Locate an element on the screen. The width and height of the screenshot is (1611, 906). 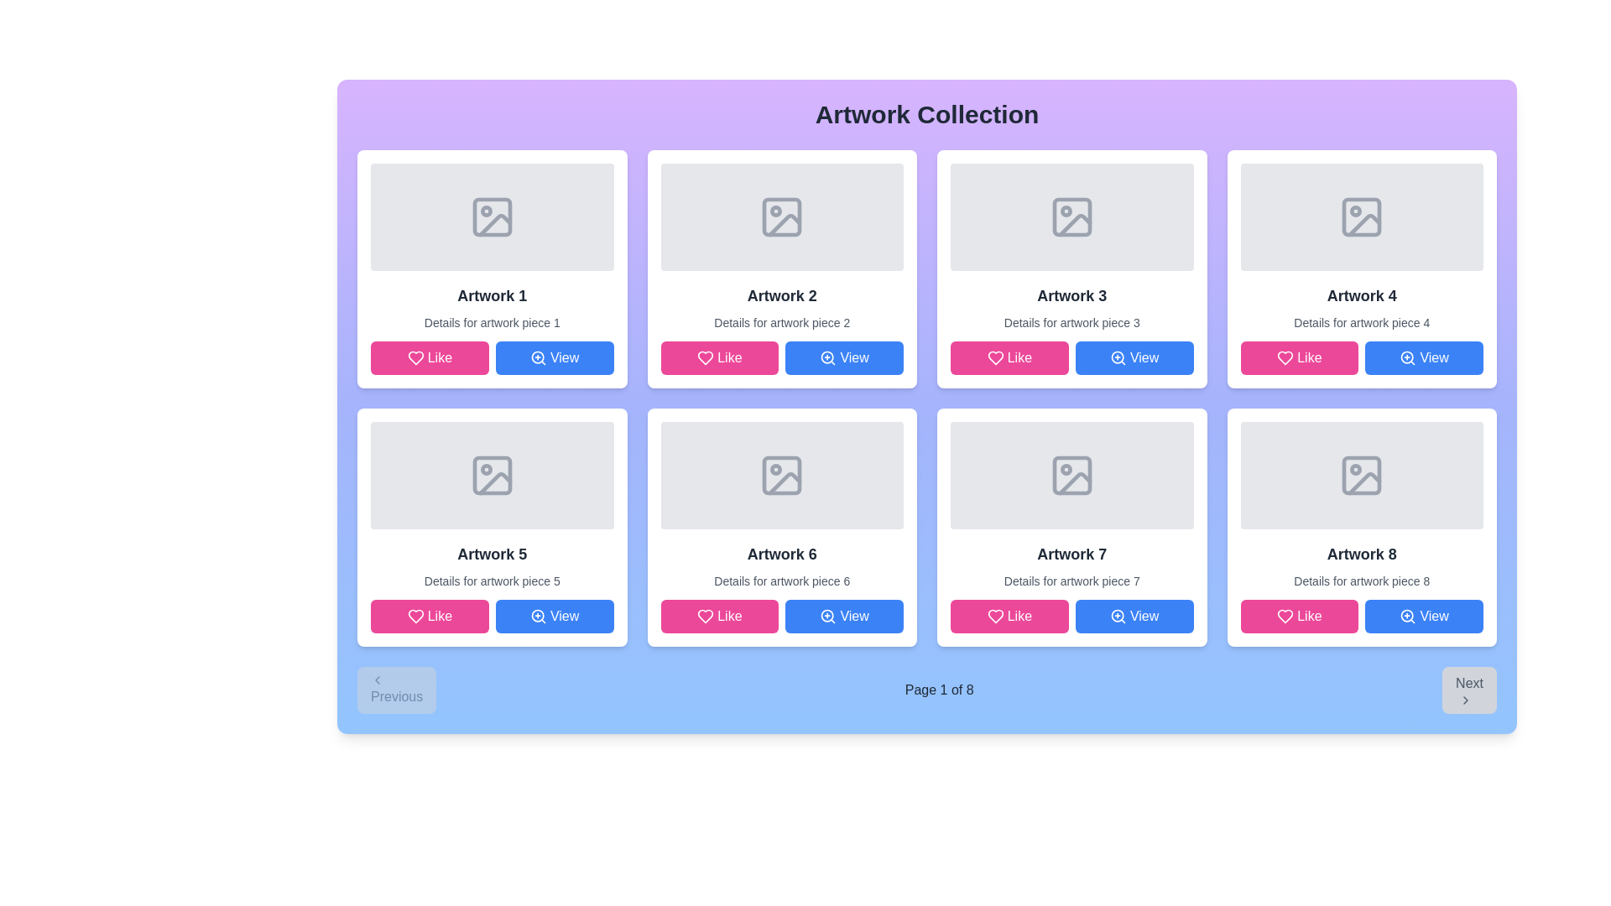
the static text label located in the first column of the second row of the artwork grid, which provides additional descriptive information about the associated artwork item is located at coordinates (491, 581).